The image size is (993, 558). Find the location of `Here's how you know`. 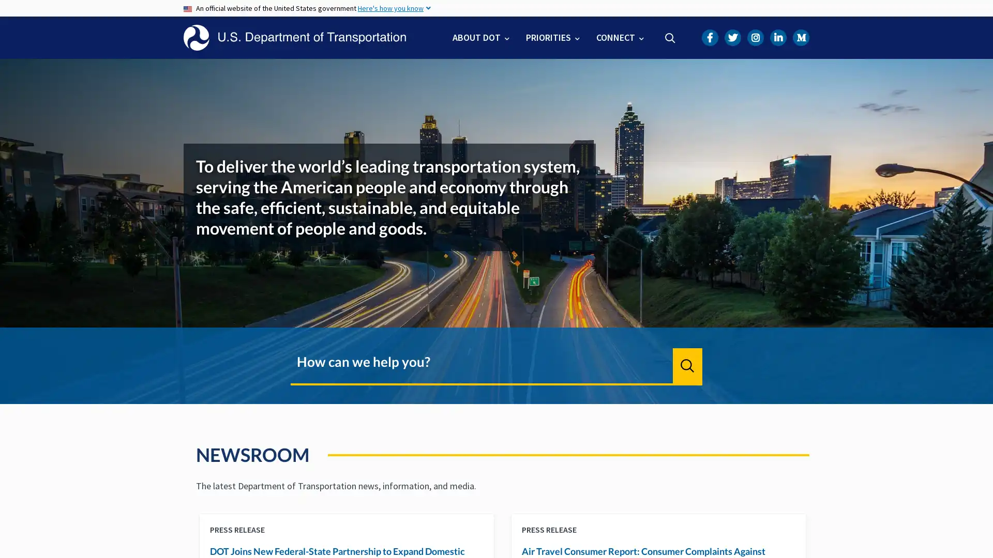

Here's how you know is located at coordinates (394, 8).